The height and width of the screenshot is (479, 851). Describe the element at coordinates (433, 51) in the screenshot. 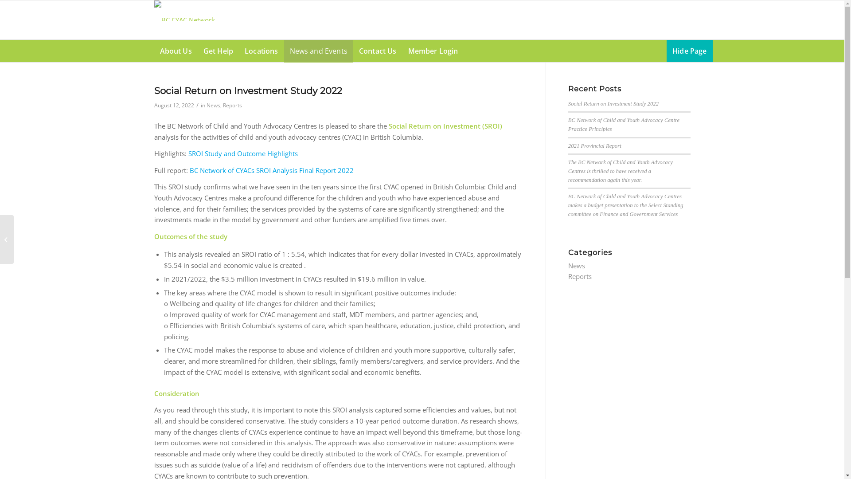

I see `'Member Login'` at that location.